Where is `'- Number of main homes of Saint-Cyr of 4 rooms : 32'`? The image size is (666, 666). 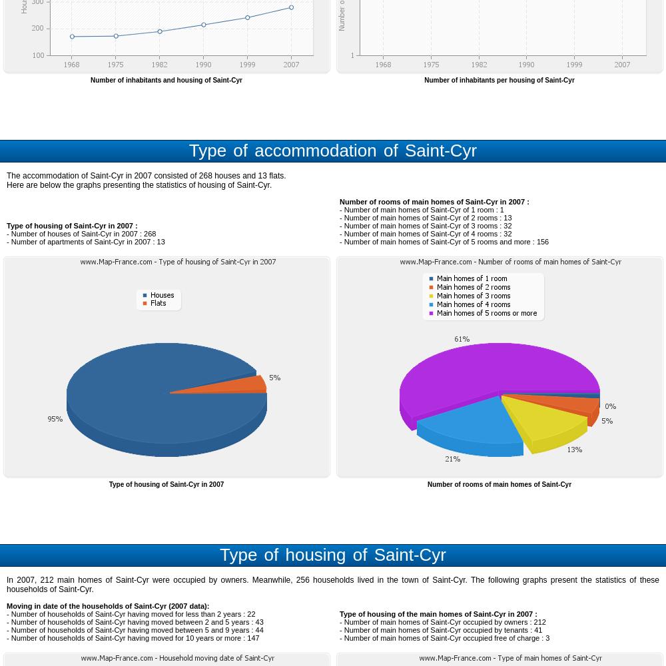 '- Number of main homes of Saint-Cyr of 4 rooms : 32' is located at coordinates (426, 233).